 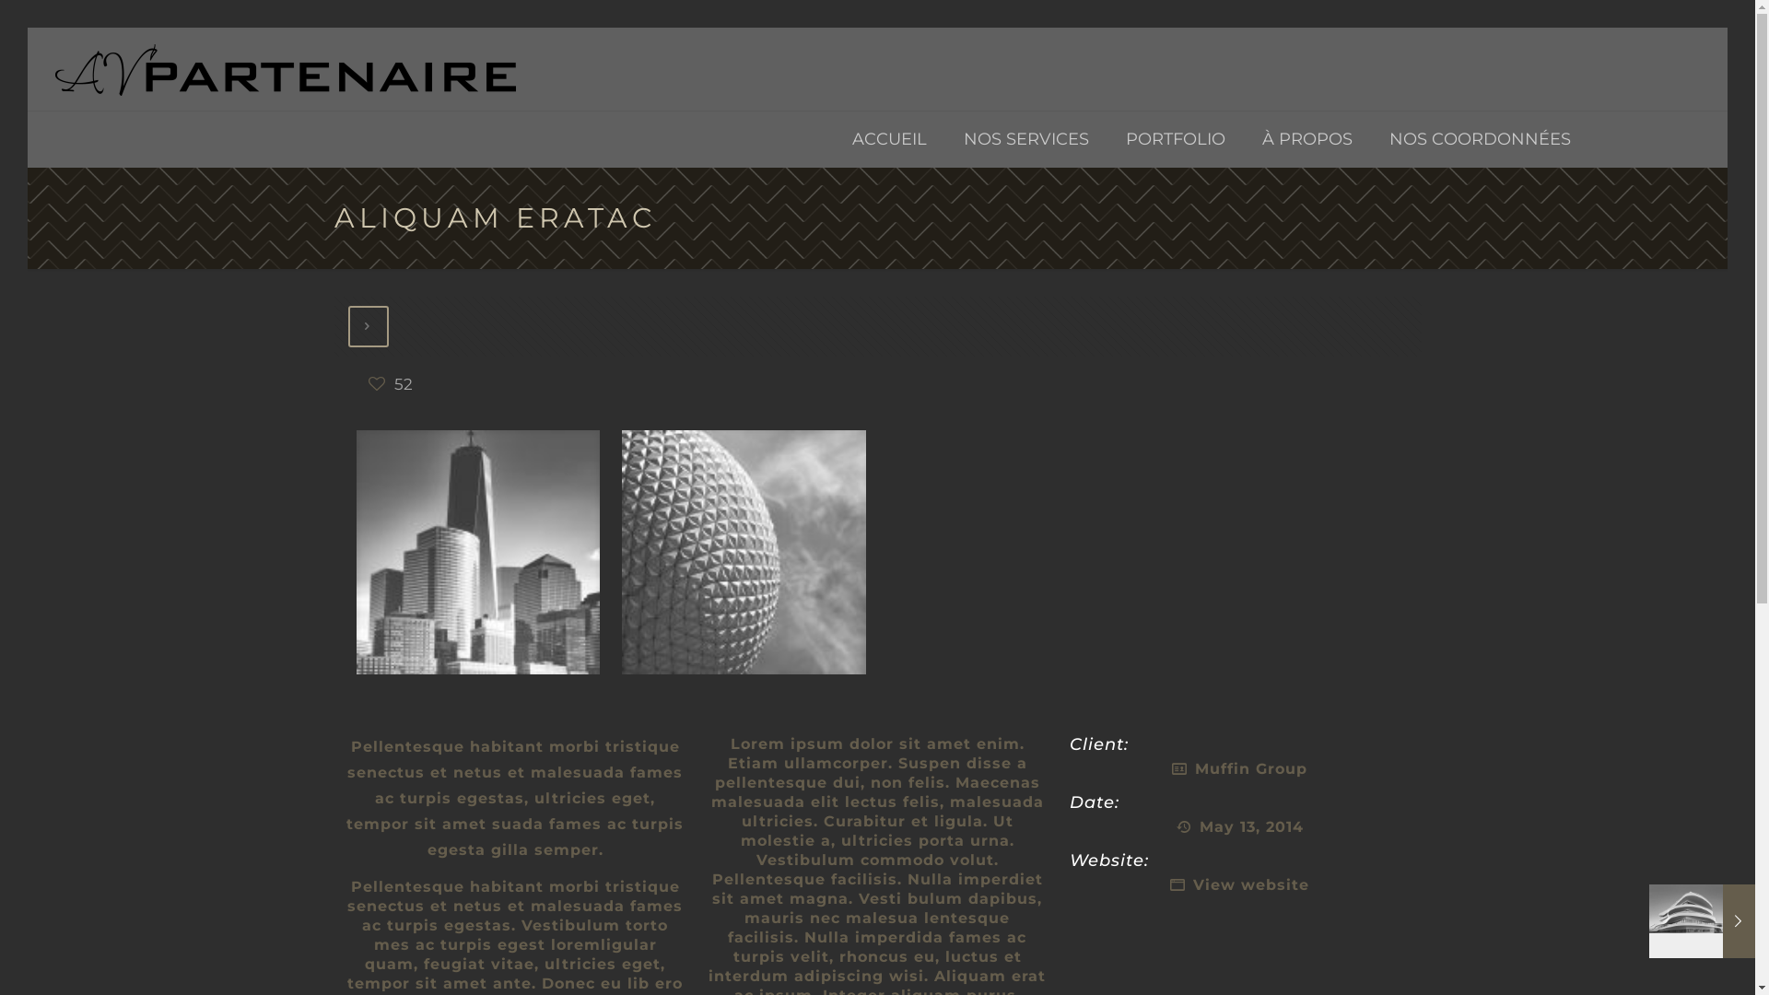 What do you see at coordinates (1106, 137) in the screenshot?
I see `'PORTFOLIO'` at bounding box center [1106, 137].